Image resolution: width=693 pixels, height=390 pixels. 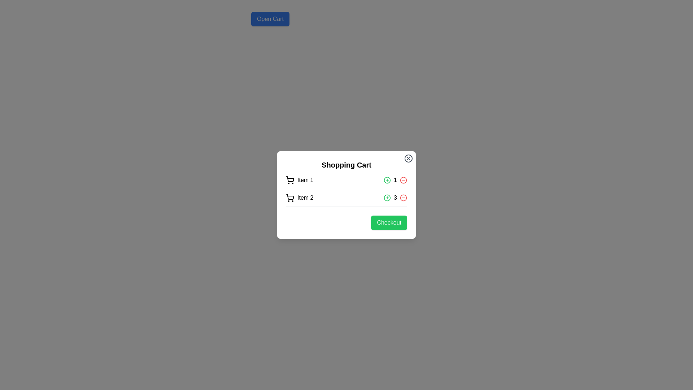 What do you see at coordinates (387, 179) in the screenshot?
I see `the increment quantity button for the second item in the shopping cart` at bounding box center [387, 179].